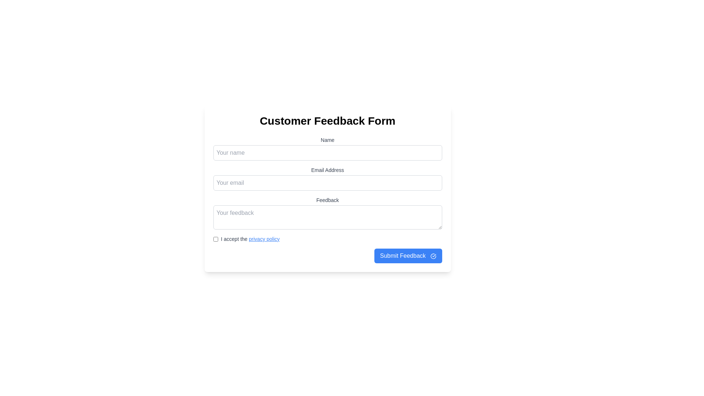  I want to click on text with hyperlink that provides information for the acceptance of the privacy policy, located at the bottom of the form, to the right of a checkbox, and below the 'Feedback' textarea, so click(250, 239).